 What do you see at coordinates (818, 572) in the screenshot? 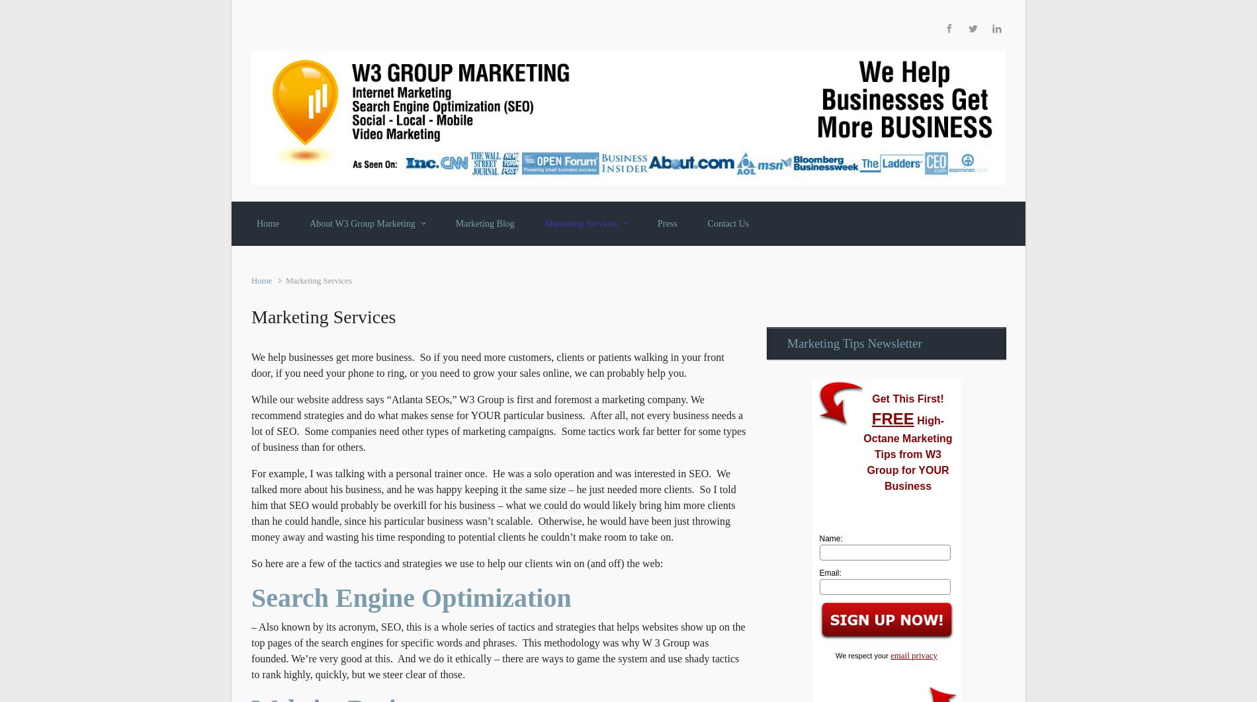
I see `'Email:'` at bounding box center [818, 572].